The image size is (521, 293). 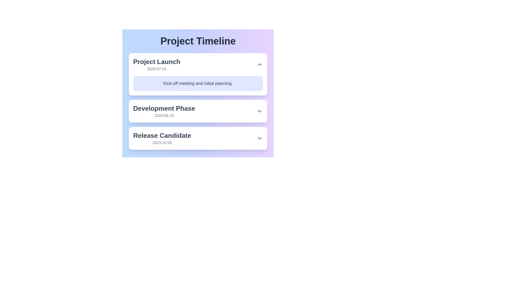 I want to click on the upward-pointing chevron icon button located to the right side of the 'Project Launch' title, so click(x=259, y=64).